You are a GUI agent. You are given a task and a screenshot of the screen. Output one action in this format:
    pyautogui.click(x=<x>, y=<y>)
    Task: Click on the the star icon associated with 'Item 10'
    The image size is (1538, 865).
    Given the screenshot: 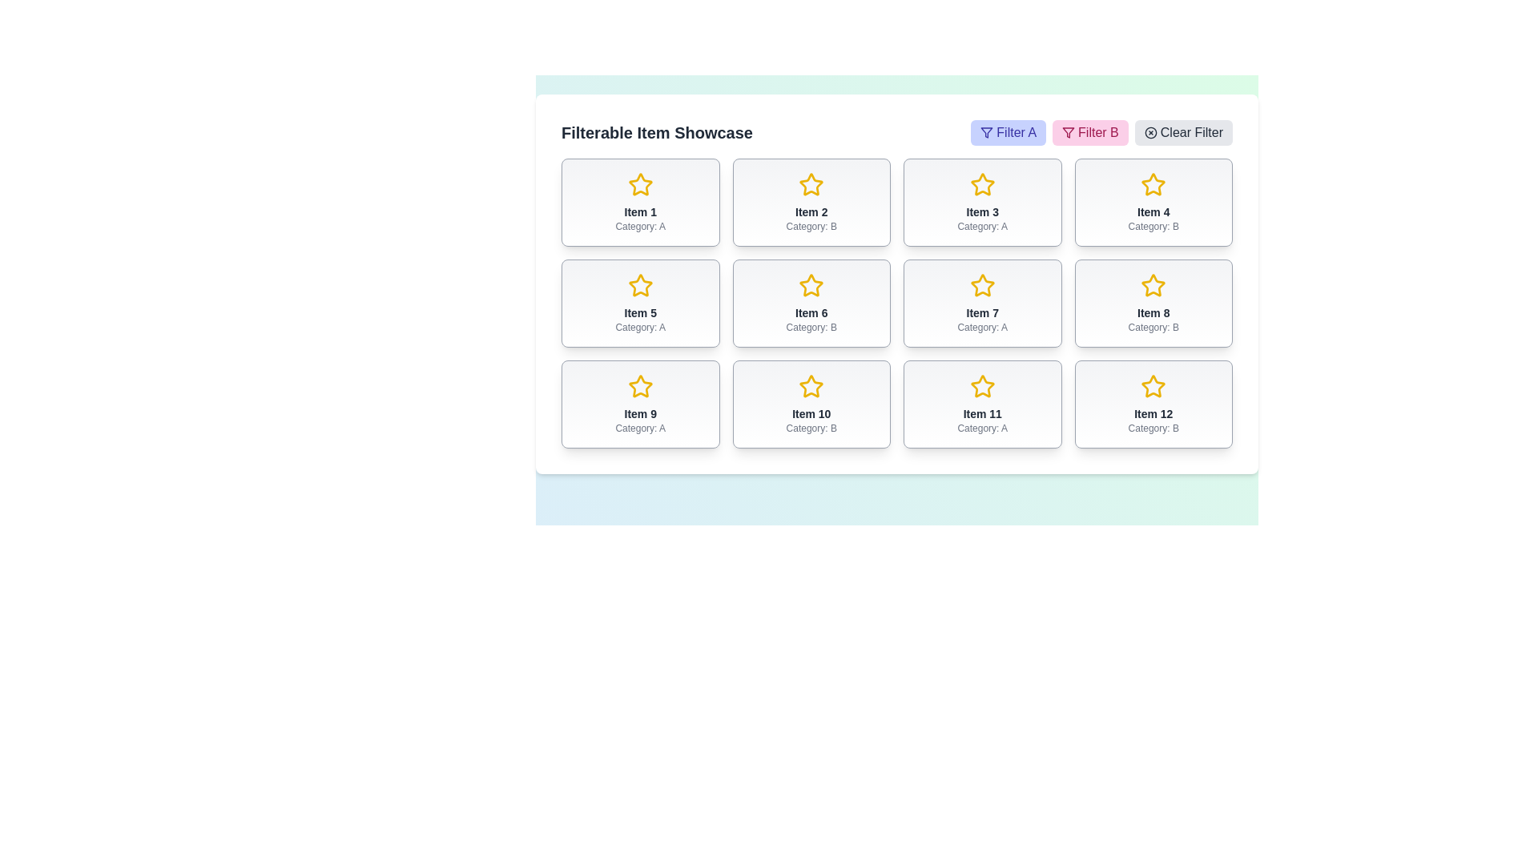 What is the action you would take?
    pyautogui.click(x=811, y=386)
    